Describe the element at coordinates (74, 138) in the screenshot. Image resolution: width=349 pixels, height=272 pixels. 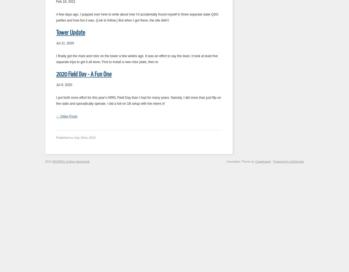
I see `'July 22nd, 2019'` at that location.